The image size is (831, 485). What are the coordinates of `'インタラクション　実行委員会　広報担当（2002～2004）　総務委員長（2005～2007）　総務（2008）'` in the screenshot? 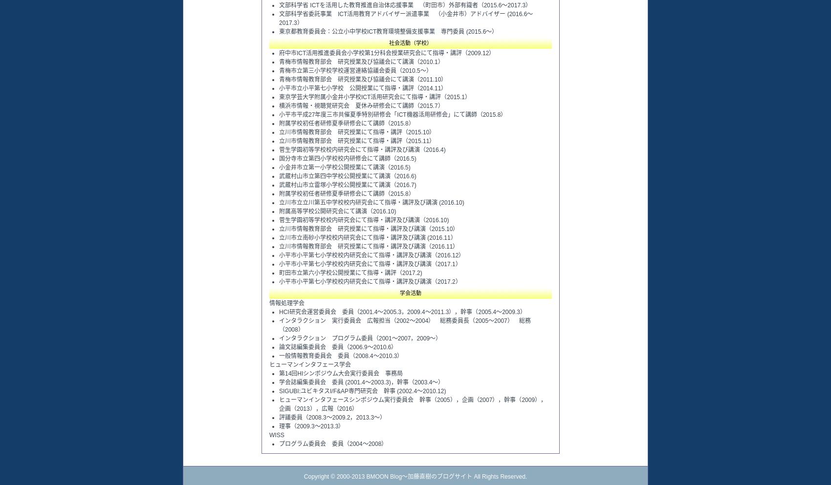 It's located at (279, 325).